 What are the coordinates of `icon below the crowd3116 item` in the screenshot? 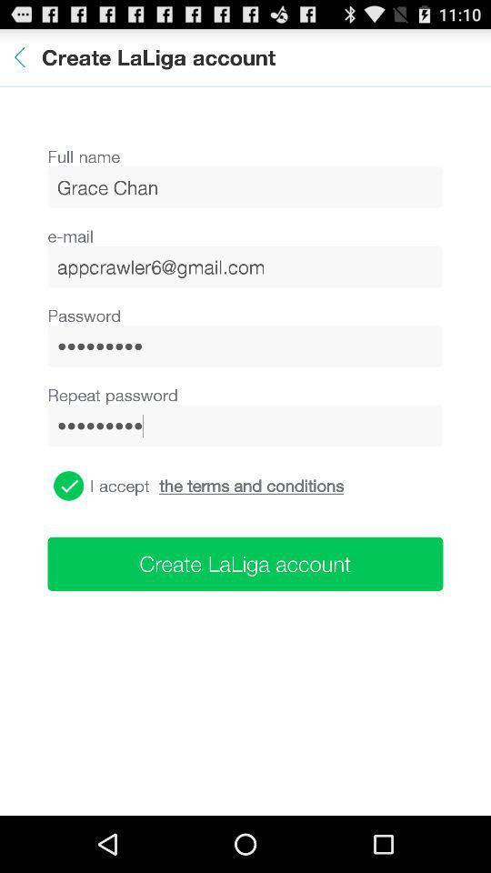 It's located at (250, 485).